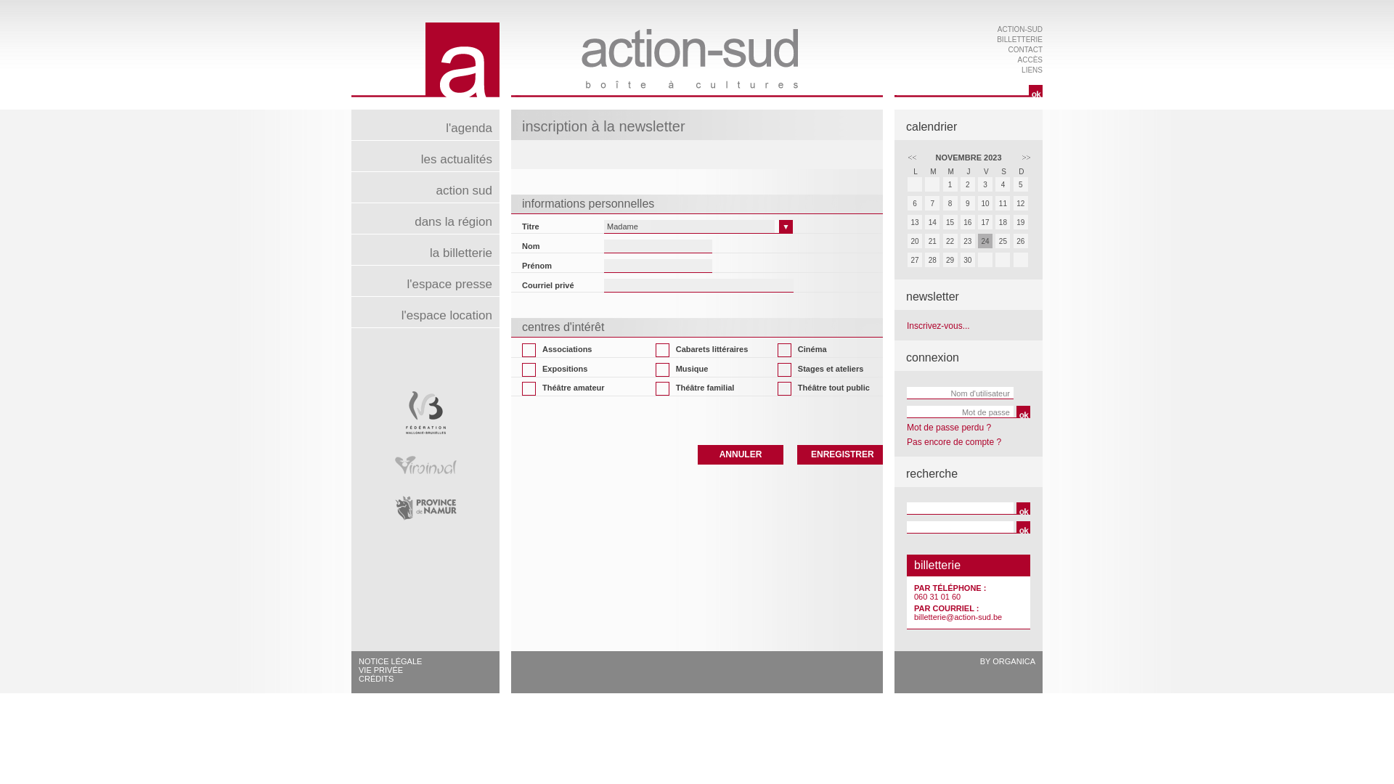 The height and width of the screenshot is (784, 1394). What do you see at coordinates (424, 248) in the screenshot?
I see `'la billetterie'` at bounding box center [424, 248].